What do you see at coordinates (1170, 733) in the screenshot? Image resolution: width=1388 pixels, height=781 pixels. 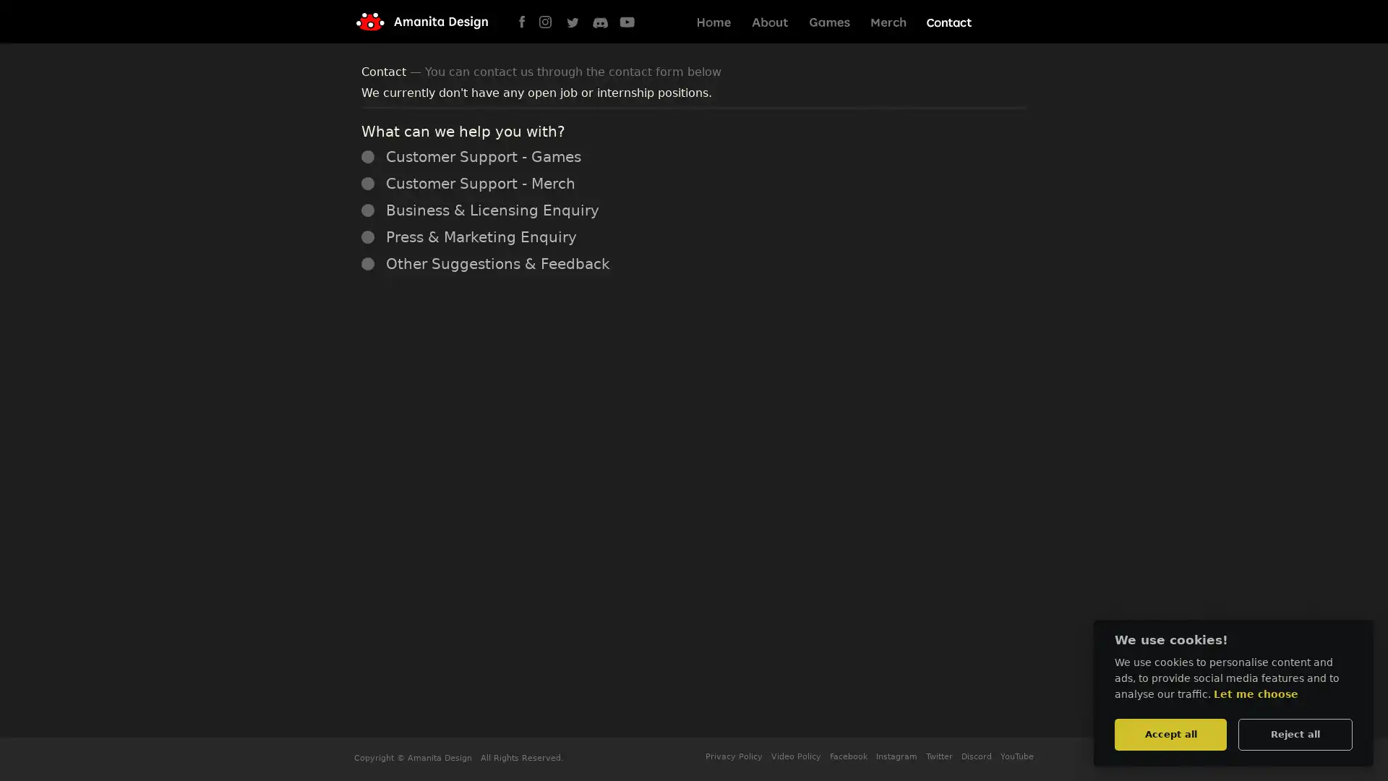 I see `Accept all` at bounding box center [1170, 733].